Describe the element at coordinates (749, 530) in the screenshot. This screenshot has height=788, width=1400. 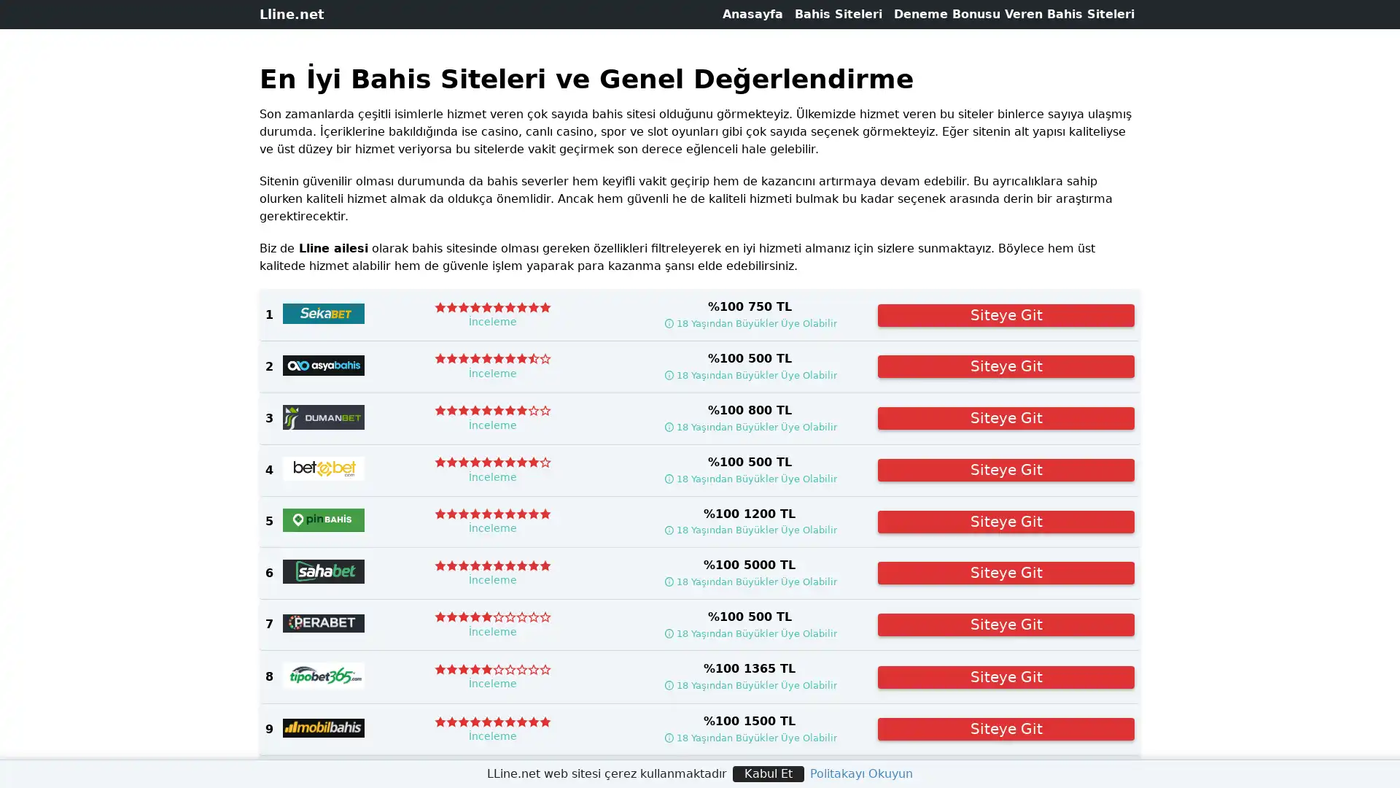
I see `Load terms and conditions` at that location.